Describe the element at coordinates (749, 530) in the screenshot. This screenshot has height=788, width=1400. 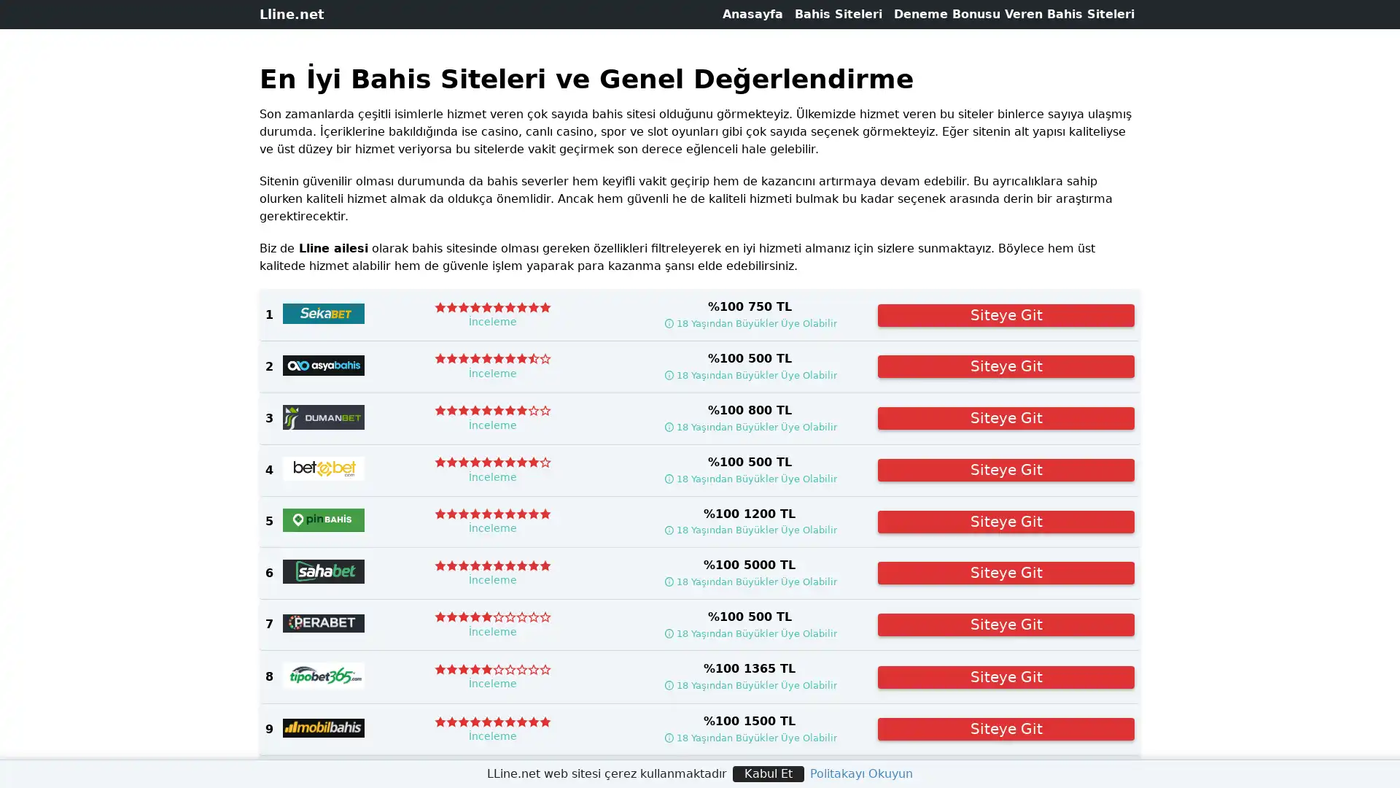
I see `Load terms and conditions` at that location.